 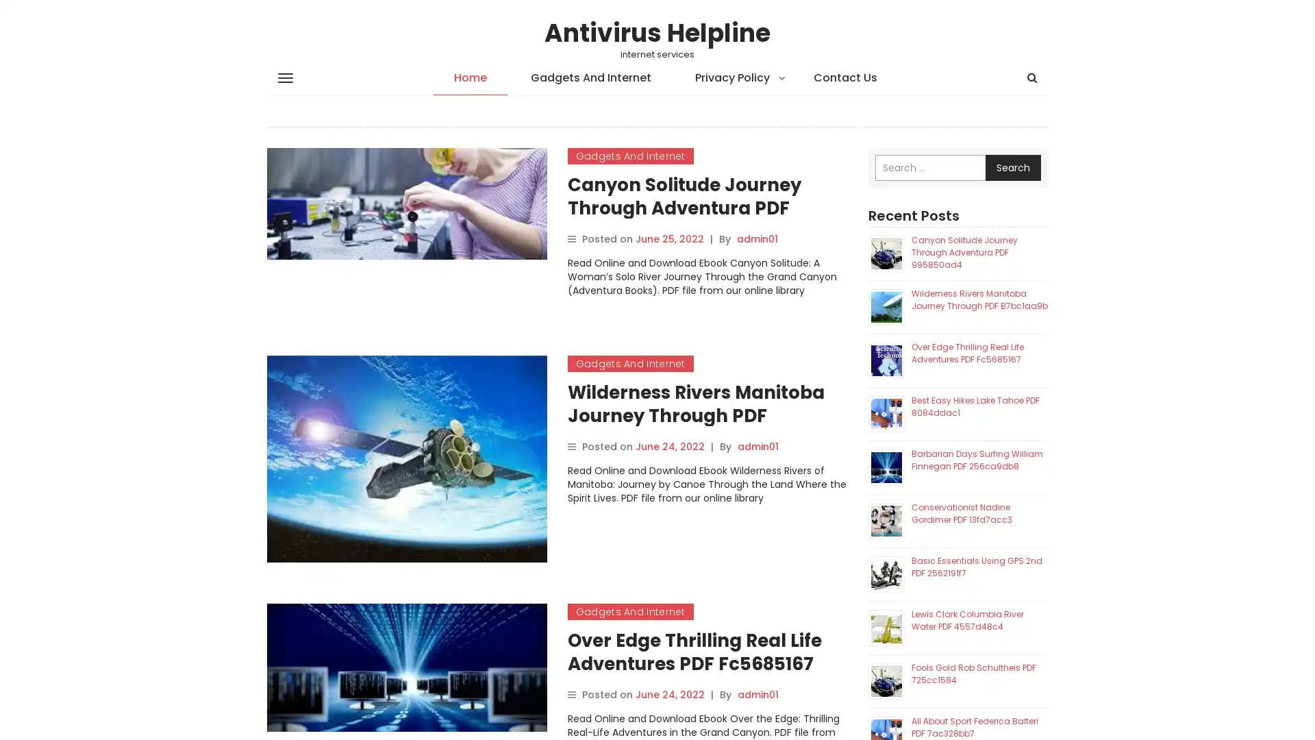 What do you see at coordinates (1013, 167) in the screenshot?
I see `Search` at bounding box center [1013, 167].